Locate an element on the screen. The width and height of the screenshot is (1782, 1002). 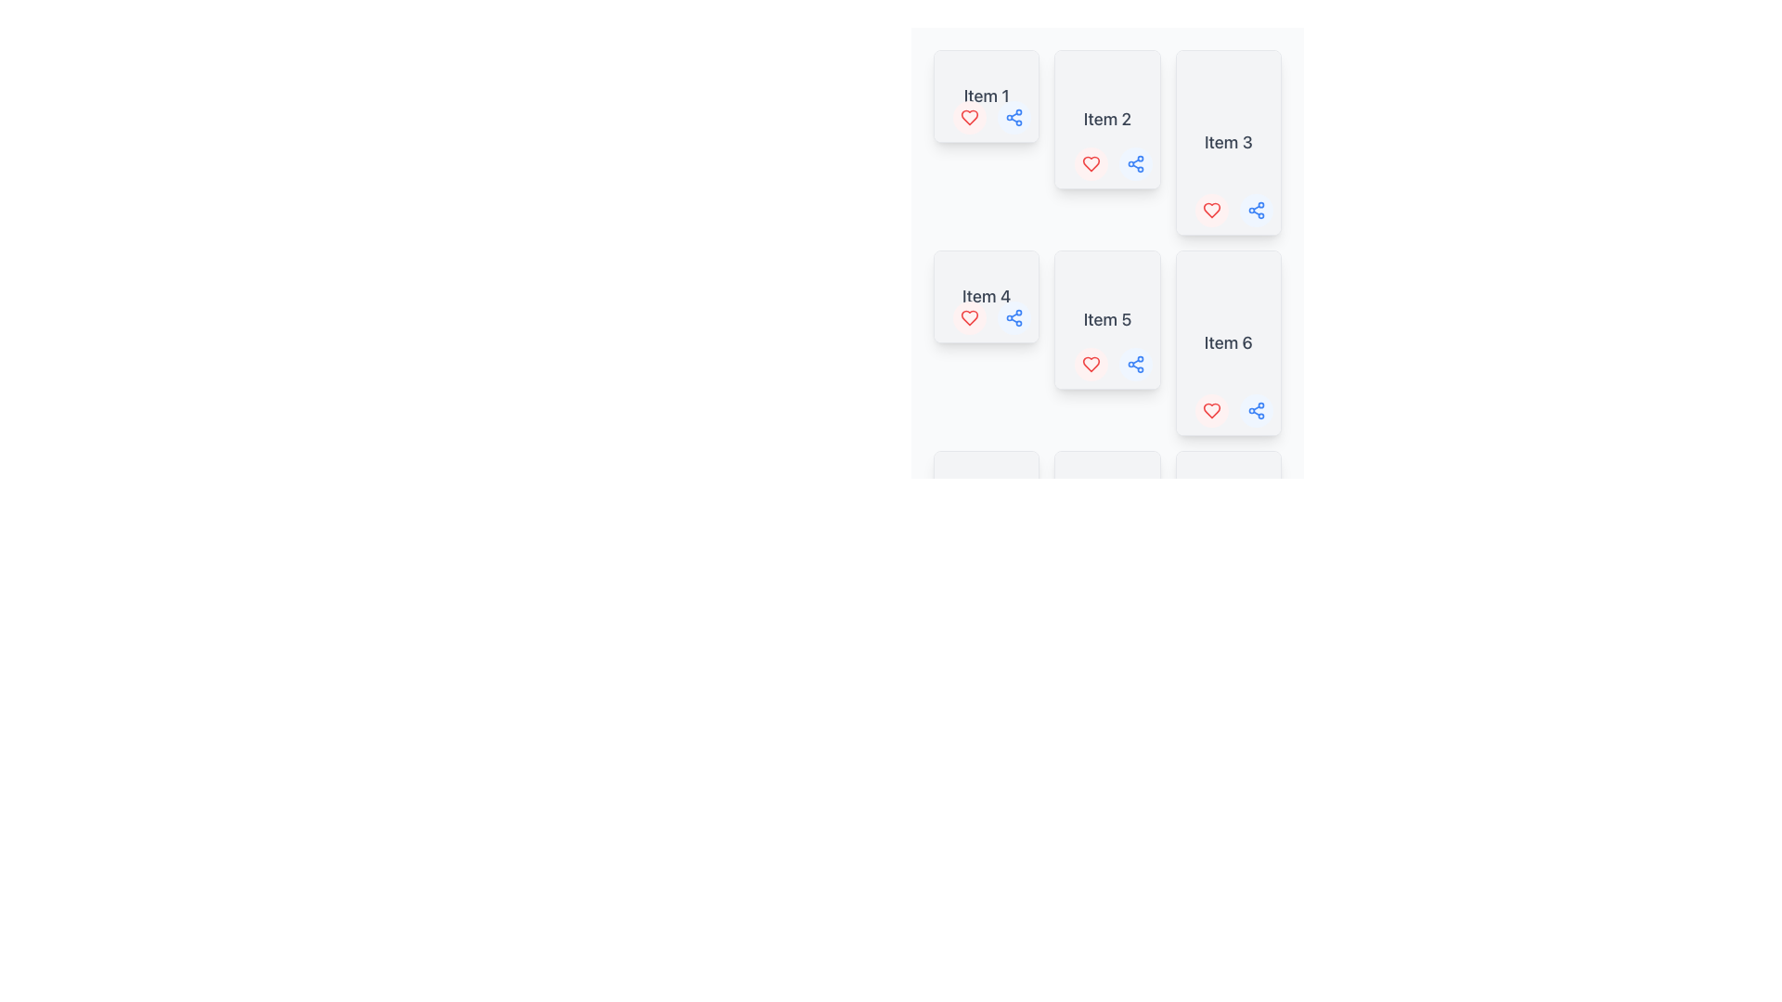
the text label displaying 'Item 3' in a medium-sized font and medium gray color, which is centrally positioned within its card layout in the top right corner of the grid is located at coordinates (1228, 142).